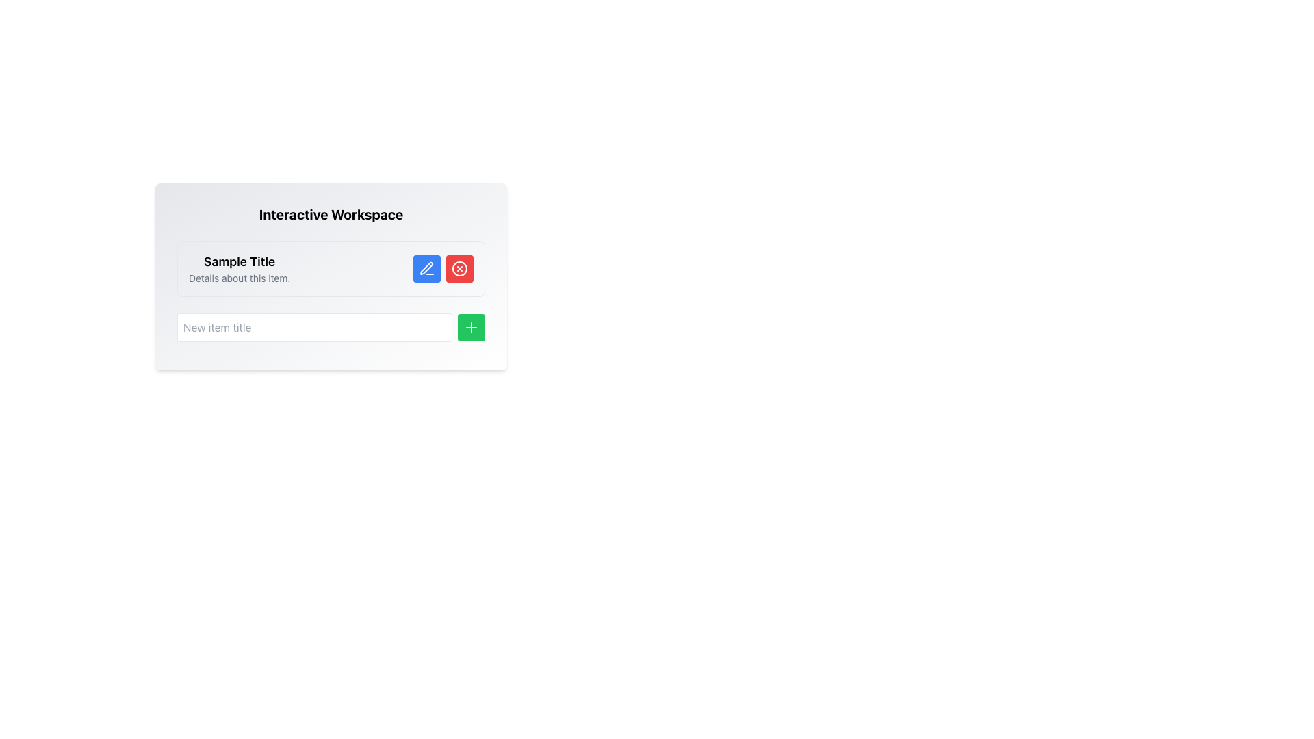 The width and height of the screenshot is (1314, 739). I want to click on the blue square button with a white pen icon located at the top-right of the panel under the header 'Interactive Workspace', so click(426, 269).